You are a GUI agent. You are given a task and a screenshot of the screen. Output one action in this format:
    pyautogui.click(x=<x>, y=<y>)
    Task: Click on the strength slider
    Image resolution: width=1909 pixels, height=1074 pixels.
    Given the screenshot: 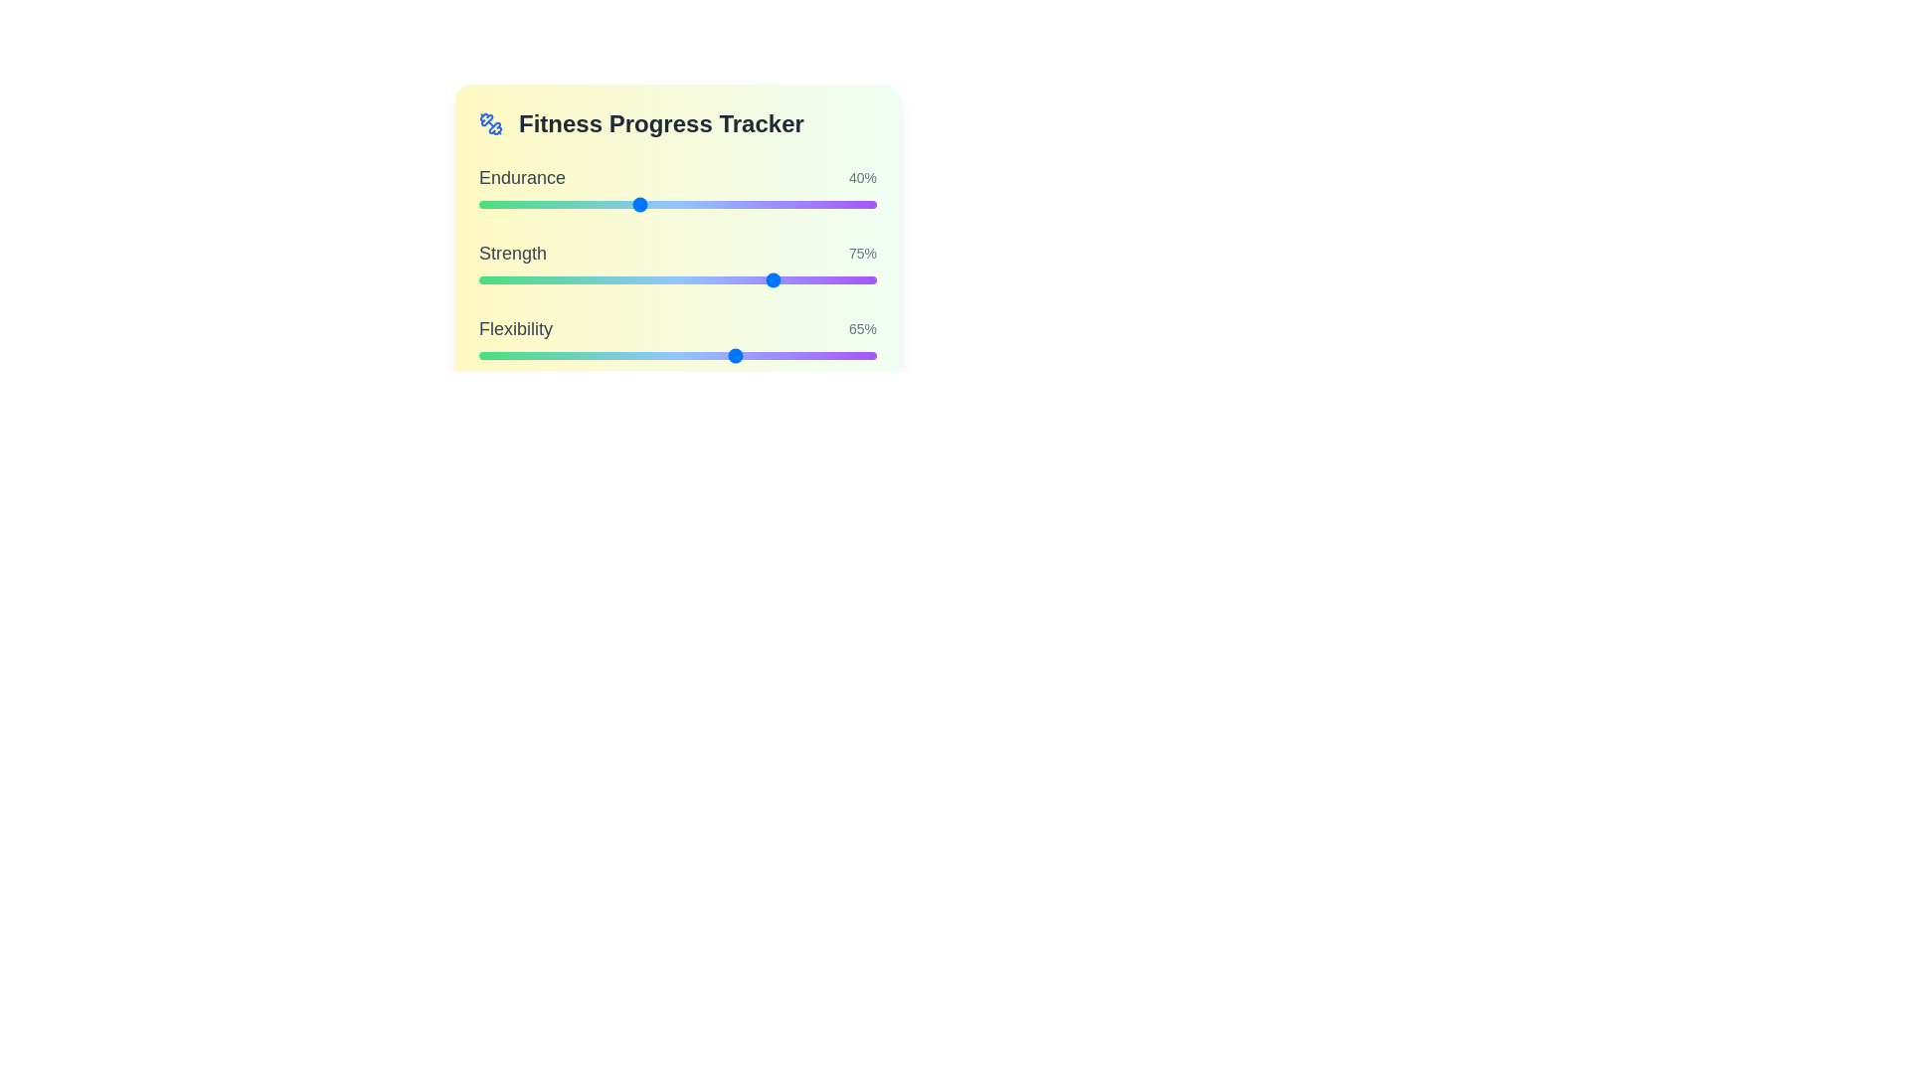 What is the action you would take?
    pyautogui.click(x=784, y=279)
    